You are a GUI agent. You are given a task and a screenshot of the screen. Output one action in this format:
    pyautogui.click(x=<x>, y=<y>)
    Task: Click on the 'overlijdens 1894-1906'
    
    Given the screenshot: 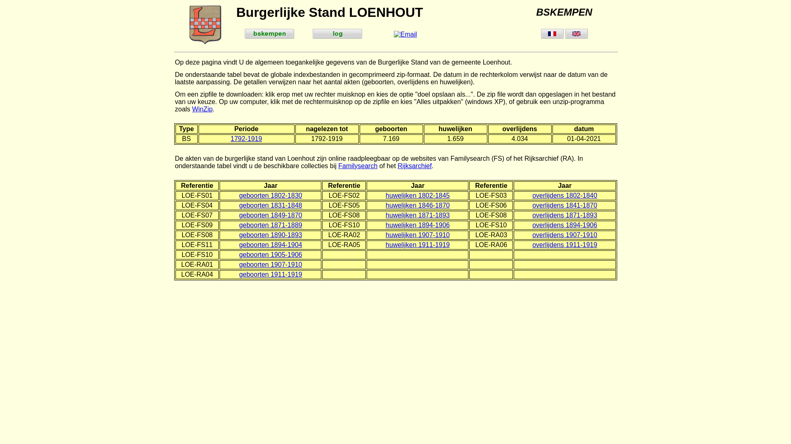 What is the action you would take?
    pyautogui.click(x=564, y=225)
    